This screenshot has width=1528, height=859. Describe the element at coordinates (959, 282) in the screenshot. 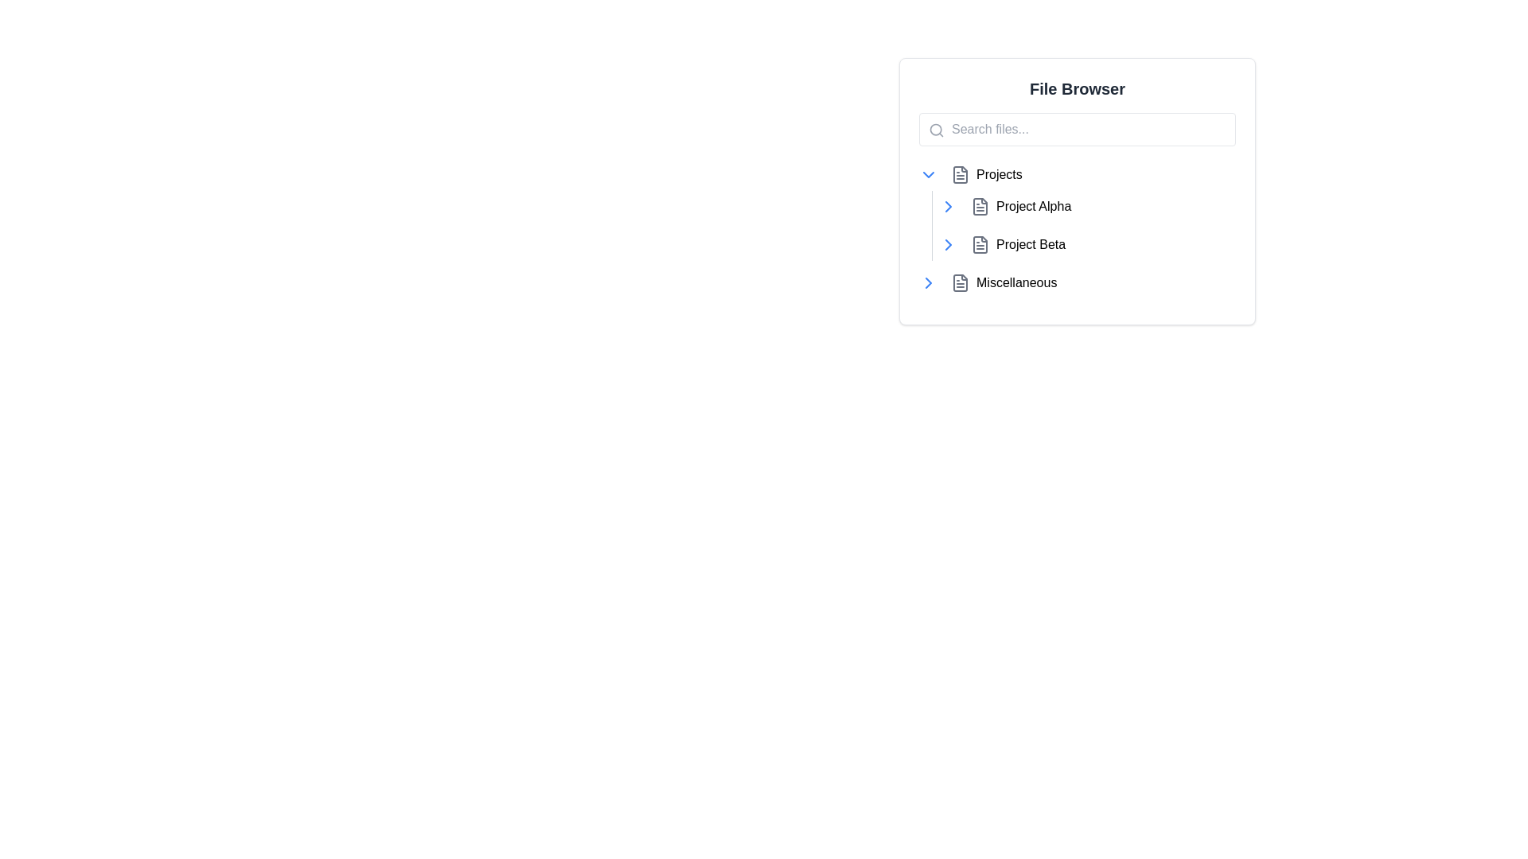

I see `the document icon in the file browser interface, which is styled in gray and located to the left of the 'Miscellaneous' label` at that location.